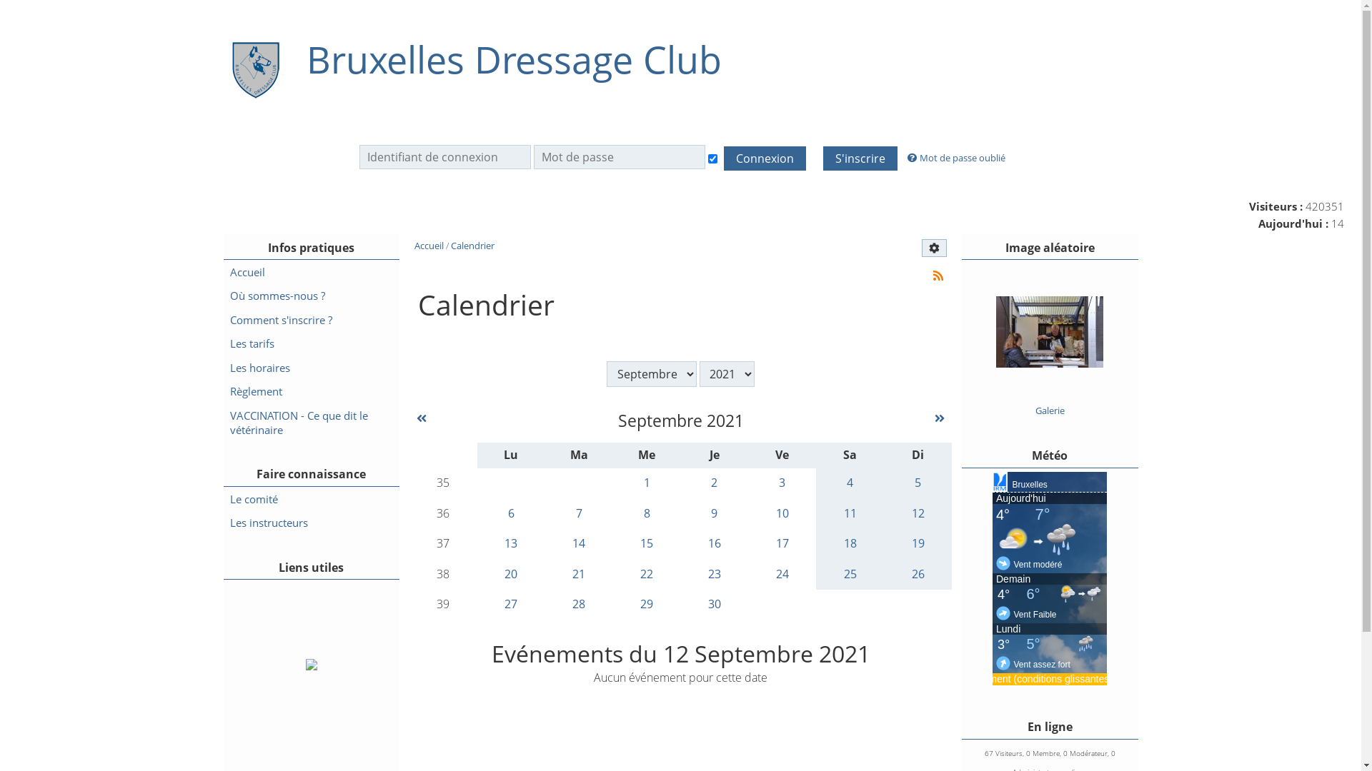 The image size is (1372, 771). I want to click on '11', so click(850, 513).